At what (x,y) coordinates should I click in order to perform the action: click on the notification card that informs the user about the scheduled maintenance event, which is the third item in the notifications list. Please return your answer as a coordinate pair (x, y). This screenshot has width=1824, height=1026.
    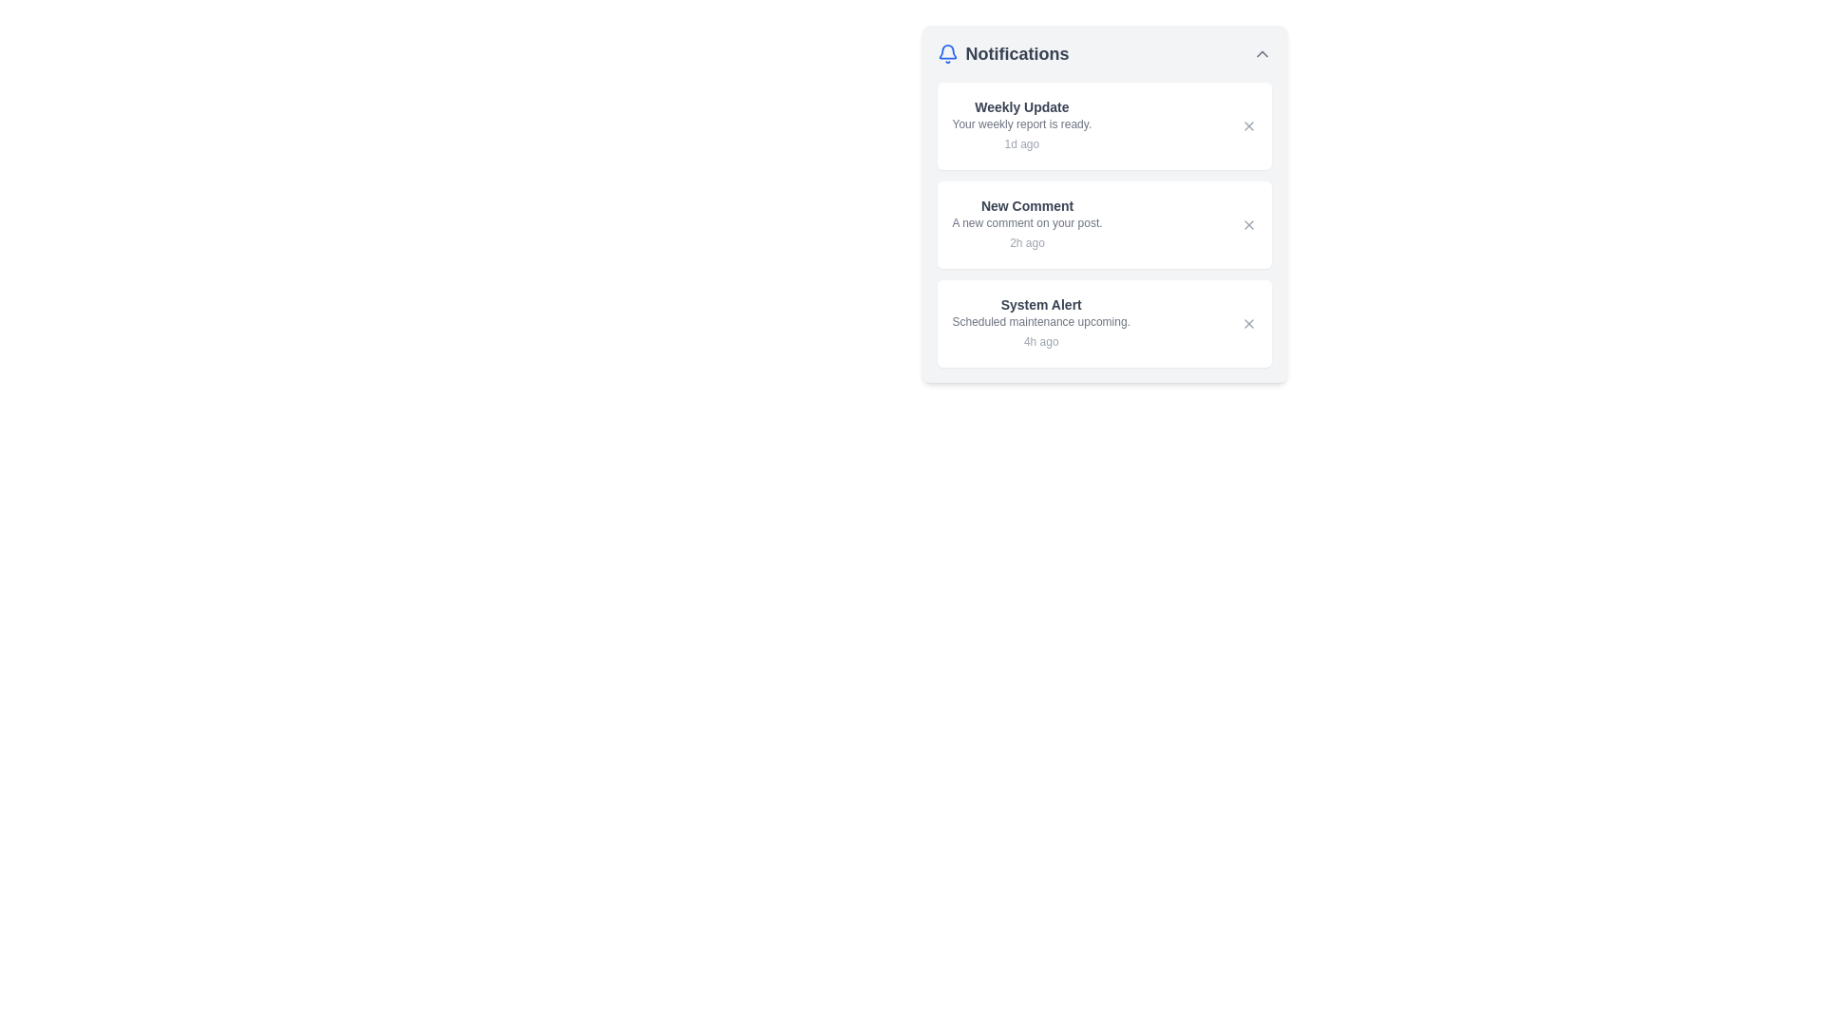
    Looking at the image, I should click on (1104, 322).